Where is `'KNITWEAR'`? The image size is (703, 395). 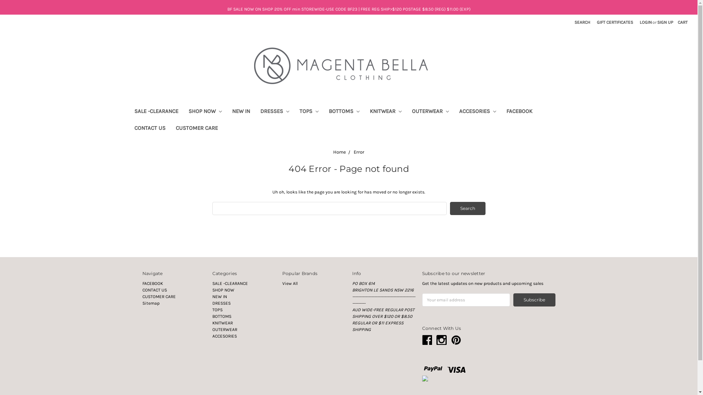
'KNITWEAR' is located at coordinates (385, 112).